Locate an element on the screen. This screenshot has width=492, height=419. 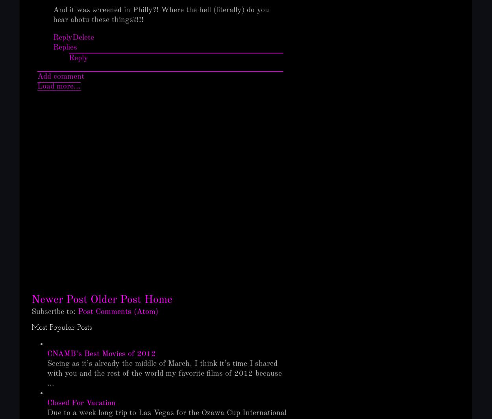
'Seeing as it’s already the middle of March, I think it’s time I shared with you and the rest of the world my favorite films of 2012 because ...' is located at coordinates (164, 373).